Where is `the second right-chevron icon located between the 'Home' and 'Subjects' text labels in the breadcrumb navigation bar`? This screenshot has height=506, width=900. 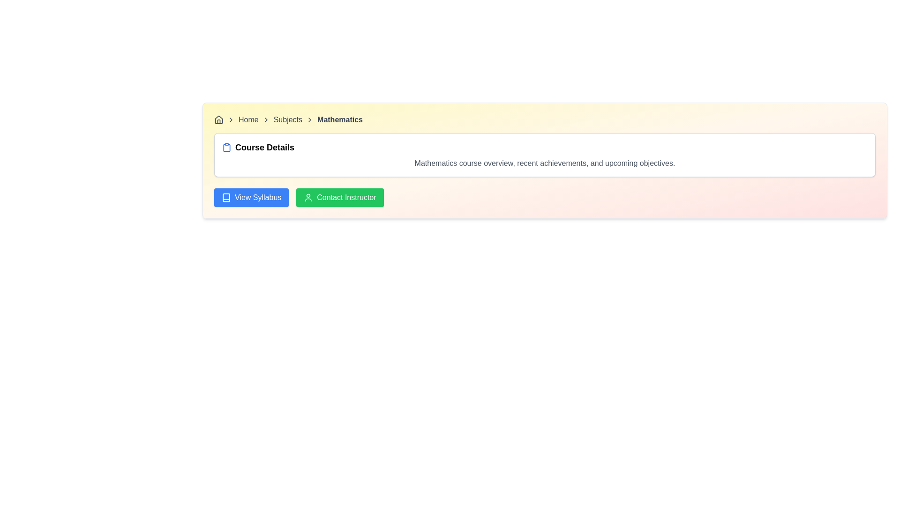
the second right-chevron icon located between the 'Home' and 'Subjects' text labels in the breadcrumb navigation bar is located at coordinates (265, 119).